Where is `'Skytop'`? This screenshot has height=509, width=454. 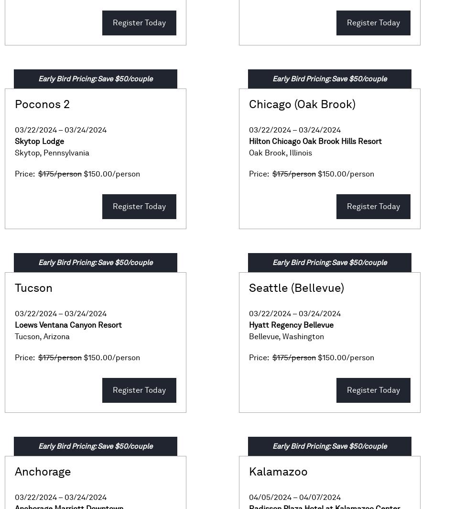 'Skytop' is located at coordinates (27, 153).